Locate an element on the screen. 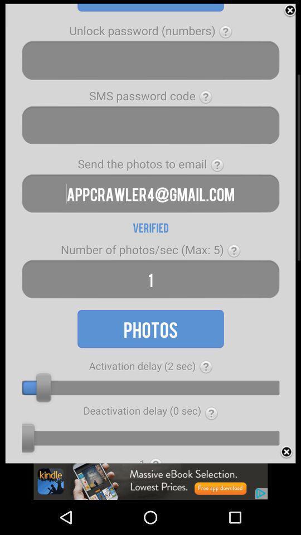  the question mark icon on right side of numeric 5 is located at coordinates (233, 251).